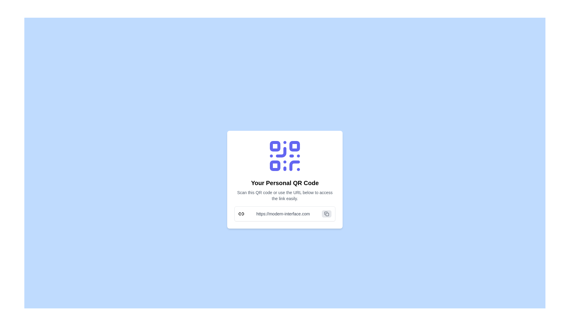  What do you see at coordinates (326, 214) in the screenshot?
I see `the copy clipboard icon button, which is located at the rightmost end of a rounded rectangle component with a light gray background` at bounding box center [326, 214].